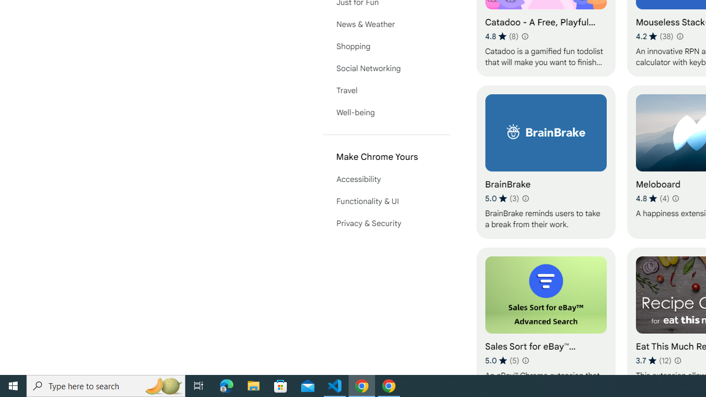 This screenshot has height=397, width=706. Describe the element at coordinates (655, 36) in the screenshot. I see `'Average rating 4.2 out of 5 stars. 38 ratings.'` at that location.